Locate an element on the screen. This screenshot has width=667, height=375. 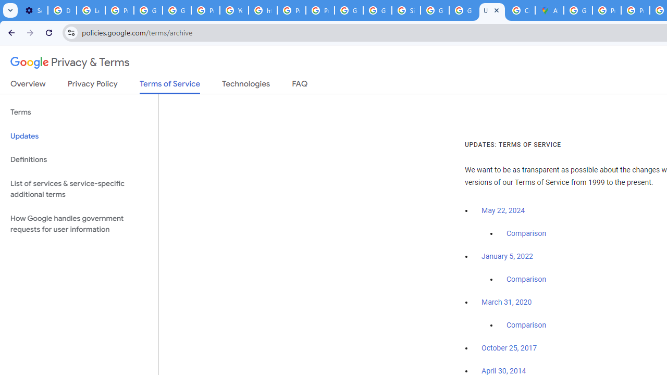
'Definitions' is located at coordinates (79, 159).